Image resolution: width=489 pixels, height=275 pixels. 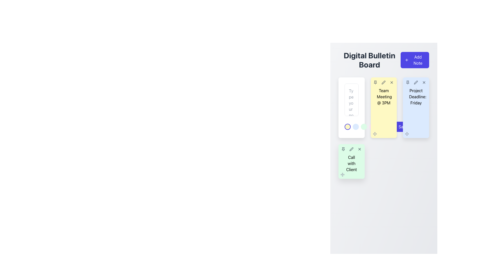 I want to click on the 'Call with Client' task card located in the third row of the grid, which is the leftmost card on this row, so click(x=351, y=161).